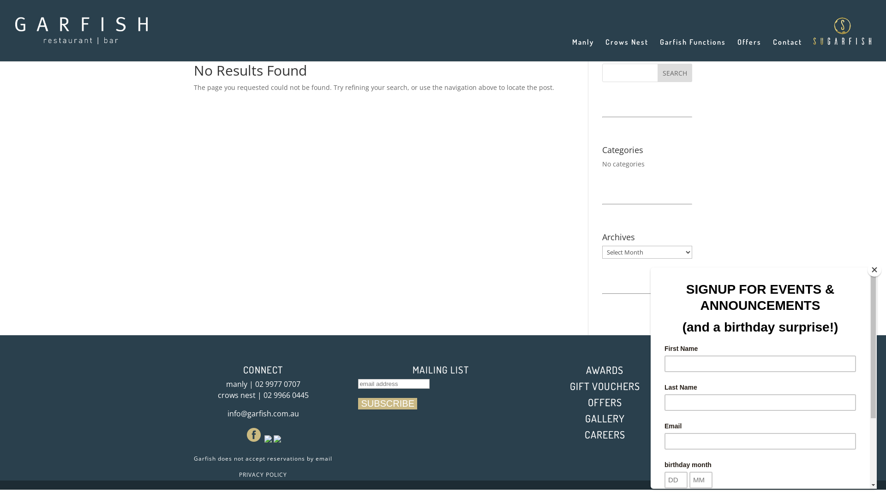  I want to click on 'Crows Nest', so click(627, 50).